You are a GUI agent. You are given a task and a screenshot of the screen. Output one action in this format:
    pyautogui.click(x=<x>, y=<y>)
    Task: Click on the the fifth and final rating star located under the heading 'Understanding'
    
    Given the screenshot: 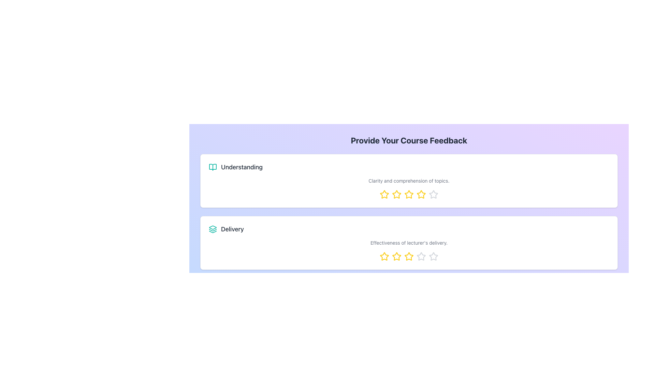 What is the action you would take?
    pyautogui.click(x=433, y=194)
    